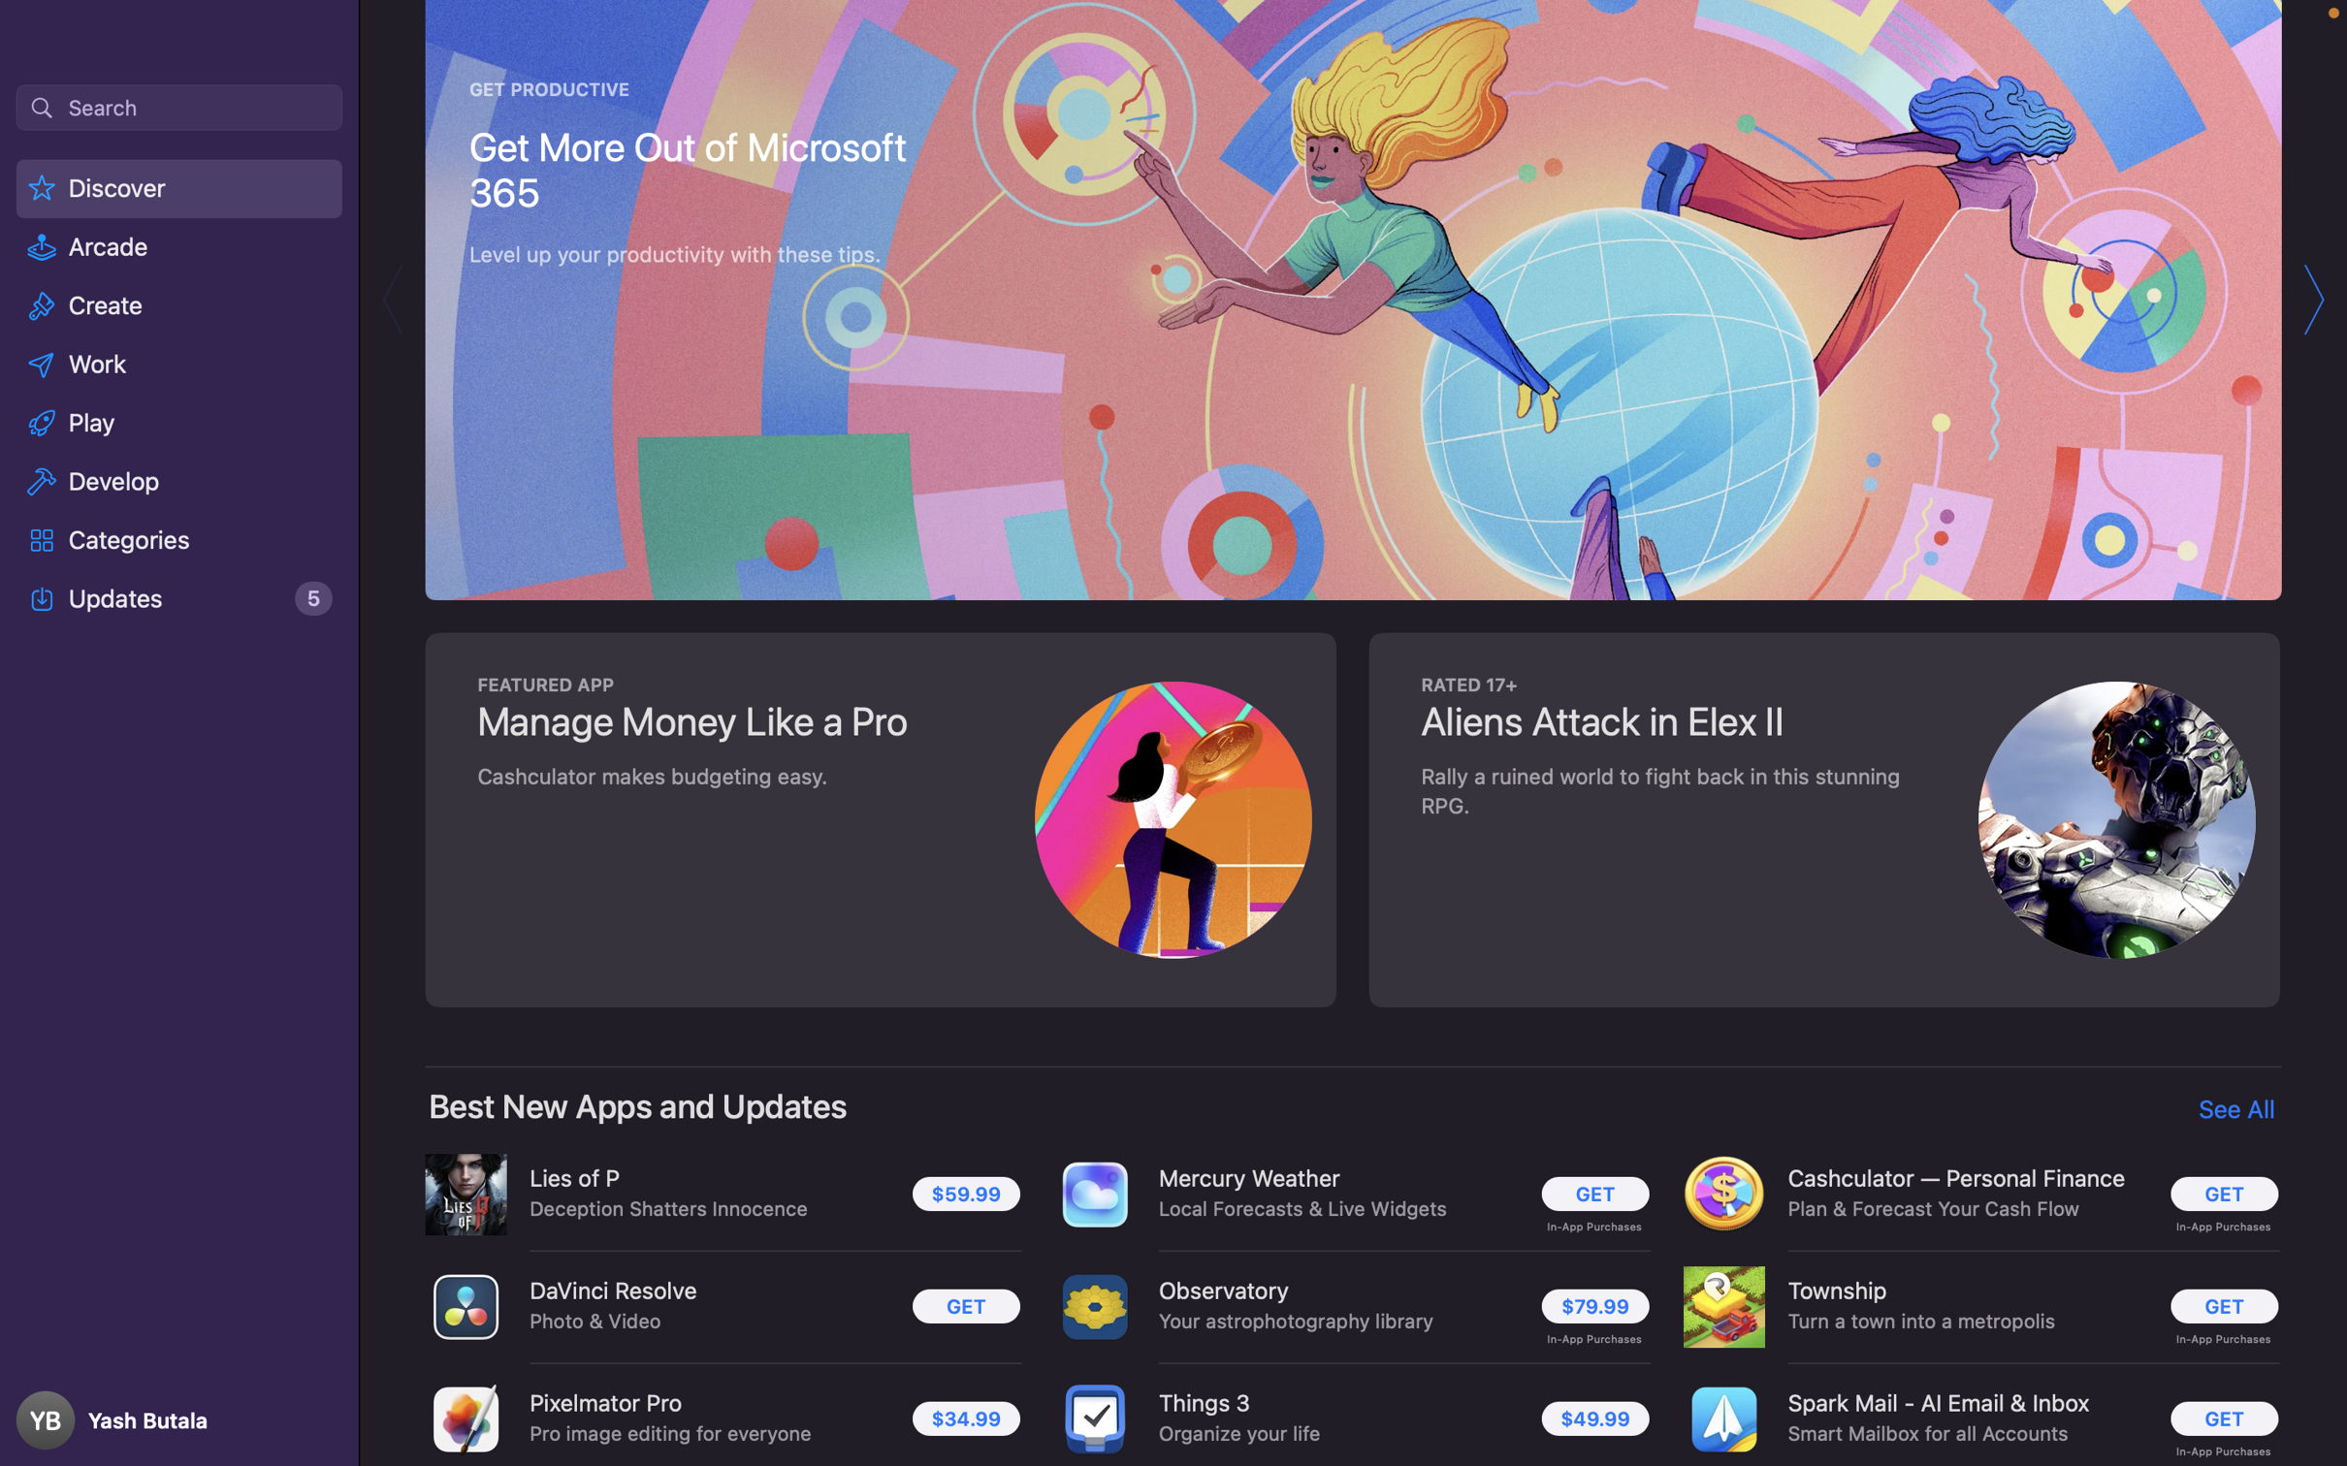  Describe the element at coordinates (1596, 1417) in the screenshot. I see `Carry out the installation procedure for the "Things 3" application` at that location.